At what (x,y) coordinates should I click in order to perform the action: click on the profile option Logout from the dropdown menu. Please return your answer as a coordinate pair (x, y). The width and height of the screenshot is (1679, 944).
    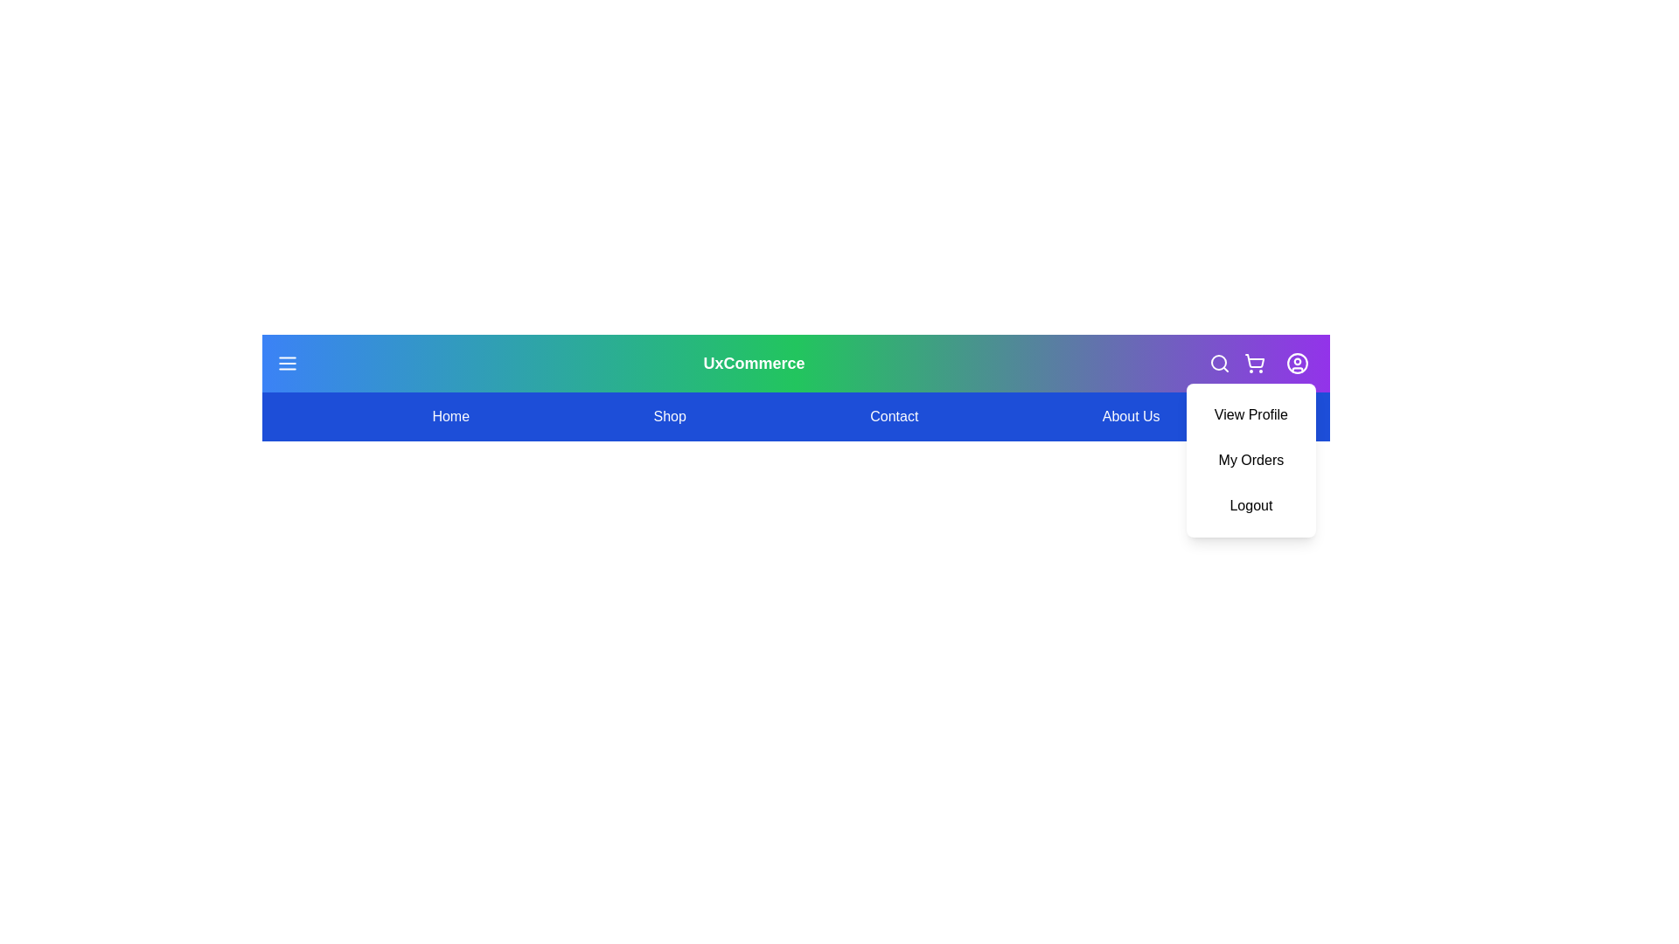
    Looking at the image, I should click on (1250, 505).